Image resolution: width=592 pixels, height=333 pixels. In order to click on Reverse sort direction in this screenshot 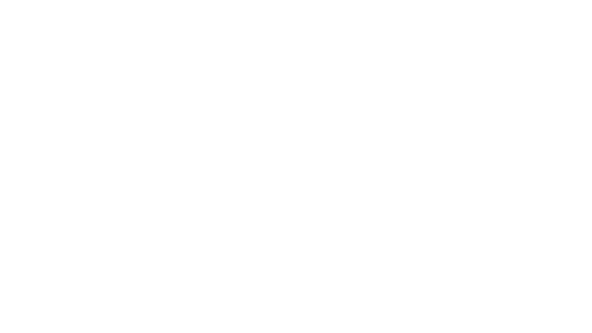, I will do `click(562, 48)`.